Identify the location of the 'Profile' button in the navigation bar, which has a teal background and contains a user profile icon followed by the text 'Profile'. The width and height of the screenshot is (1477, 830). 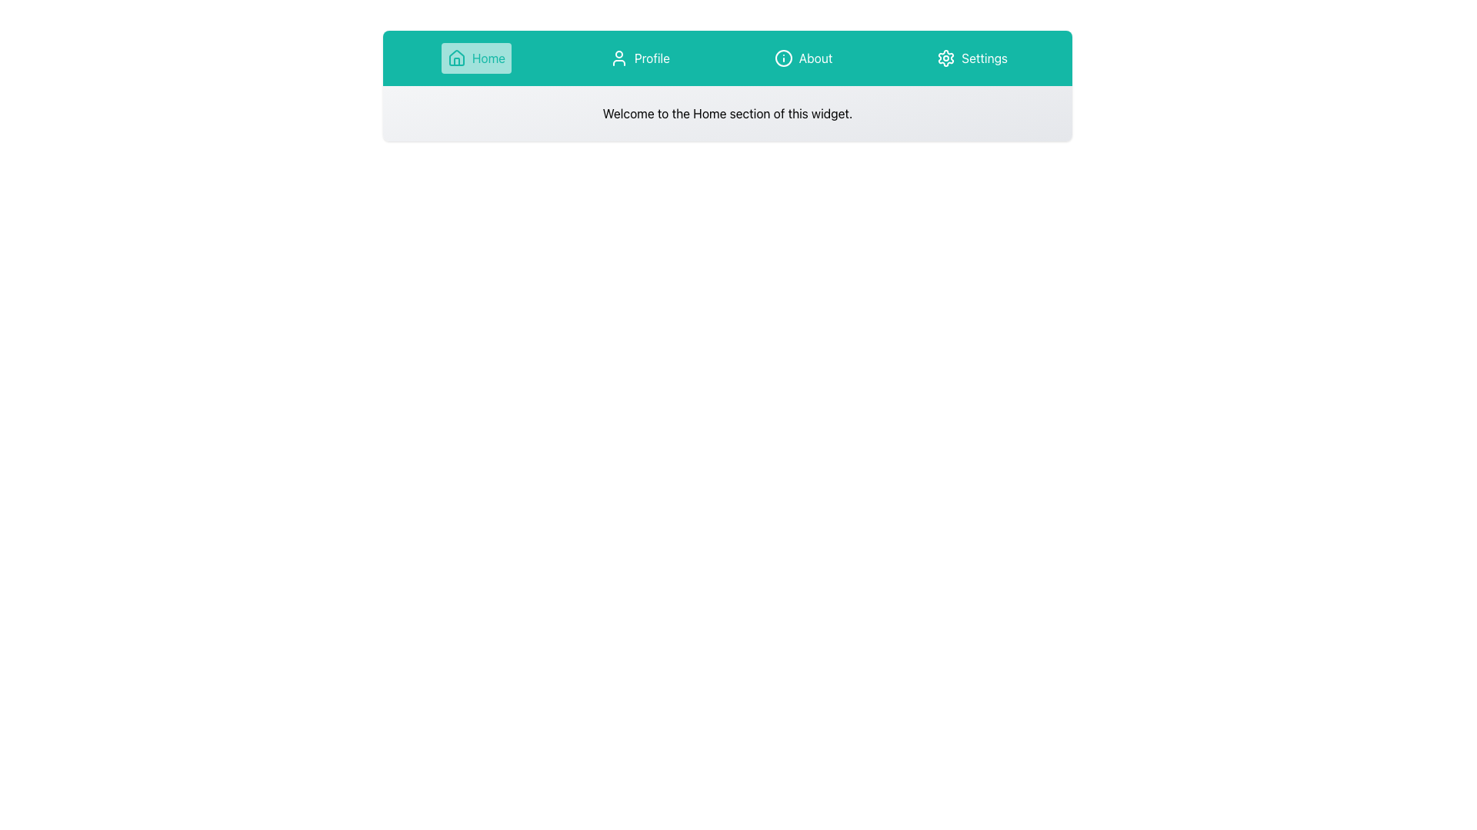
(639, 58).